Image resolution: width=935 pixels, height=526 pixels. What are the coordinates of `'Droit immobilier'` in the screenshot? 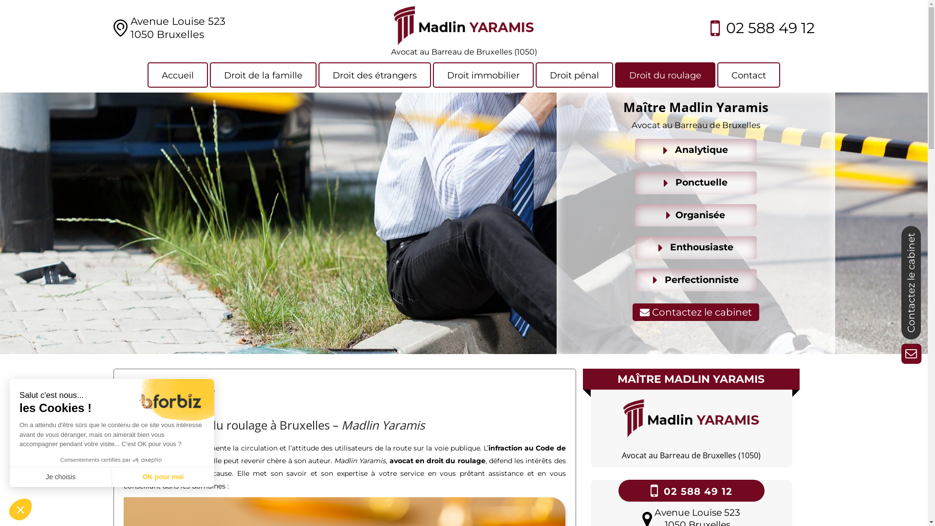 It's located at (432, 75).